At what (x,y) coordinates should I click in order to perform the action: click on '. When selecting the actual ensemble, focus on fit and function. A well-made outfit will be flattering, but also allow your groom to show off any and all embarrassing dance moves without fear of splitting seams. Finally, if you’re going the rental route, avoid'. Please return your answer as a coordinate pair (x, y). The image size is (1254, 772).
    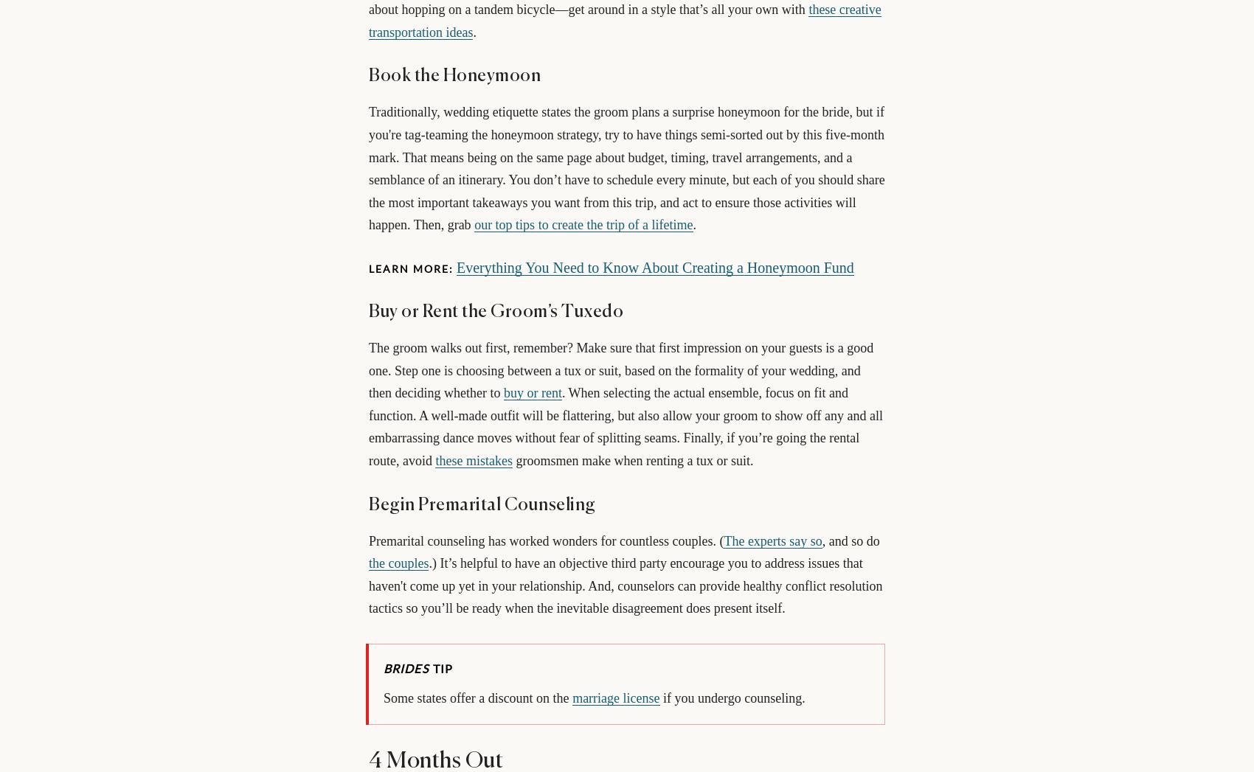
    Looking at the image, I should click on (368, 425).